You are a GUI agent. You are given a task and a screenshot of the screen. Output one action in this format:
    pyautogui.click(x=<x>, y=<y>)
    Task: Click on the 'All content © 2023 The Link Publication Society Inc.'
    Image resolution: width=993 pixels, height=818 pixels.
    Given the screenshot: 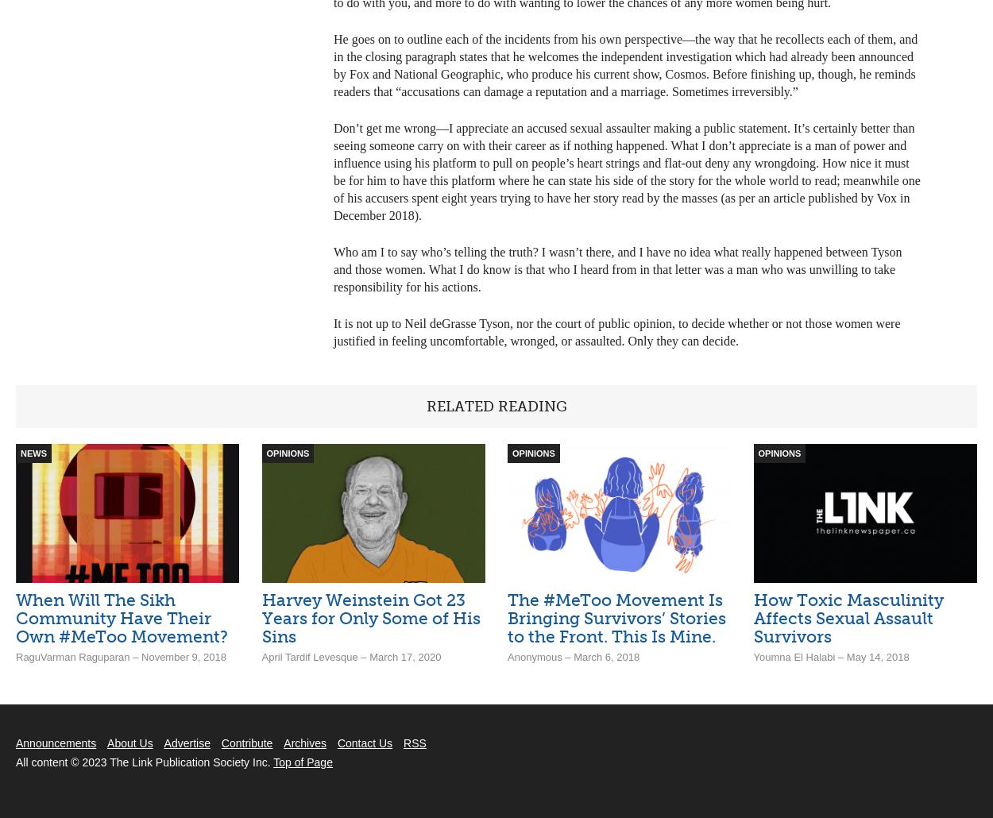 What is the action you would take?
    pyautogui.click(x=145, y=761)
    